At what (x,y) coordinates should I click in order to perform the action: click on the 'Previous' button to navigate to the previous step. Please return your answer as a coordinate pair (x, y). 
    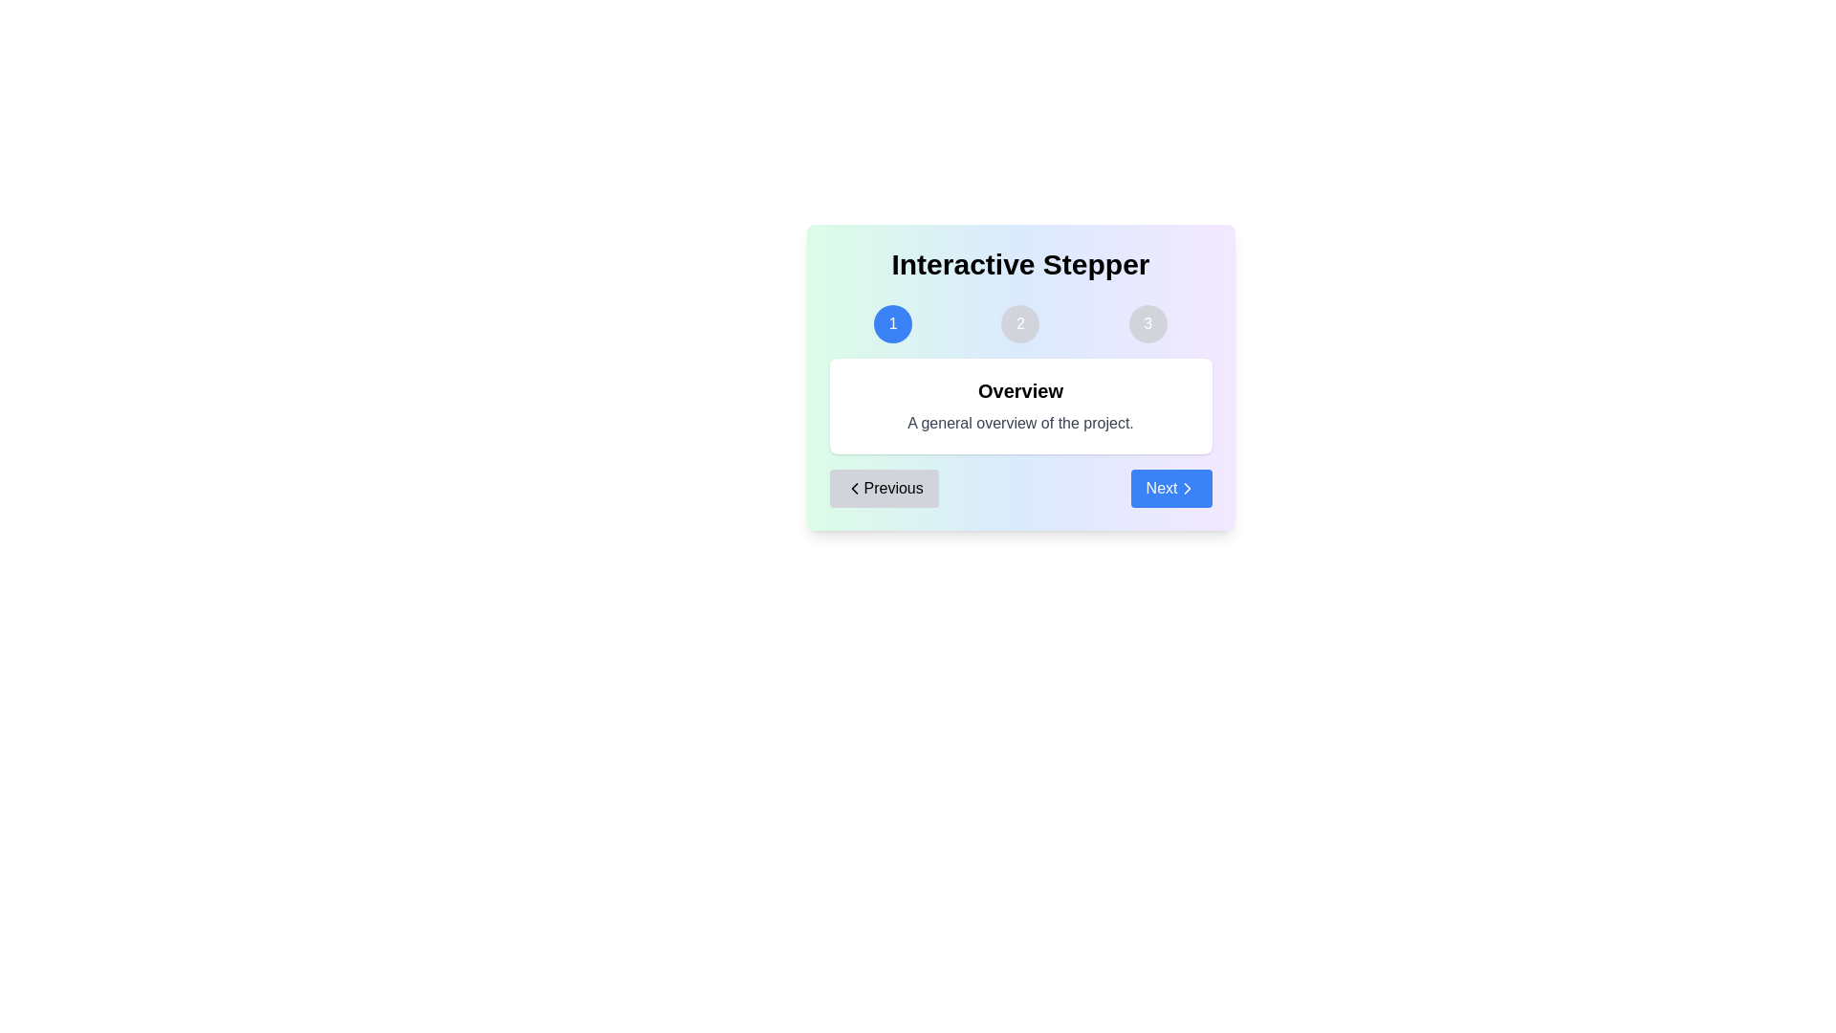
    Looking at the image, I should click on (883, 487).